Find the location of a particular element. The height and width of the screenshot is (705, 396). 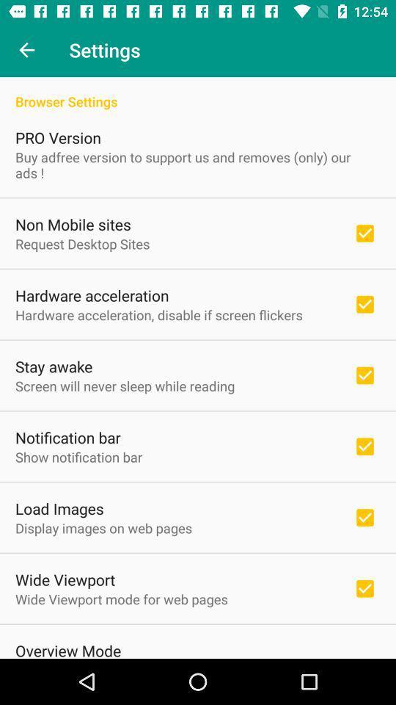

the buy adfree version item is located at coordinates (198, 164).